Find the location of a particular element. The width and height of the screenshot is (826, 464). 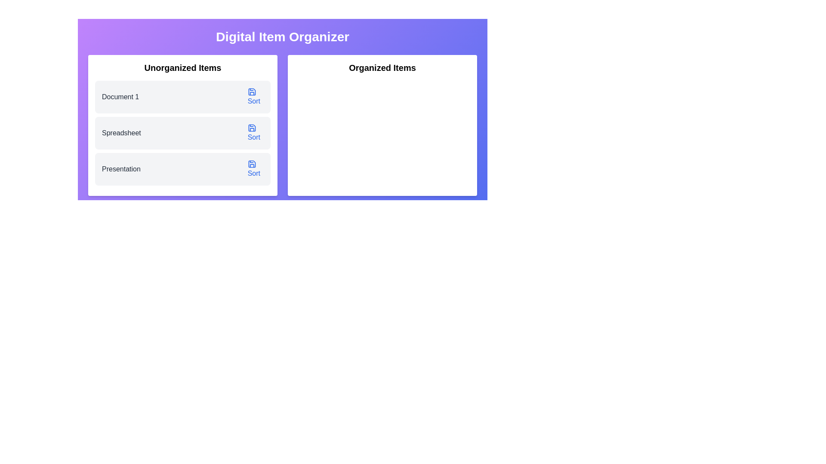

the second 'Sort' button with a blue text label and a save icon located to the right of the 'Spreadsheet' label is located at coordinates (253, 133).